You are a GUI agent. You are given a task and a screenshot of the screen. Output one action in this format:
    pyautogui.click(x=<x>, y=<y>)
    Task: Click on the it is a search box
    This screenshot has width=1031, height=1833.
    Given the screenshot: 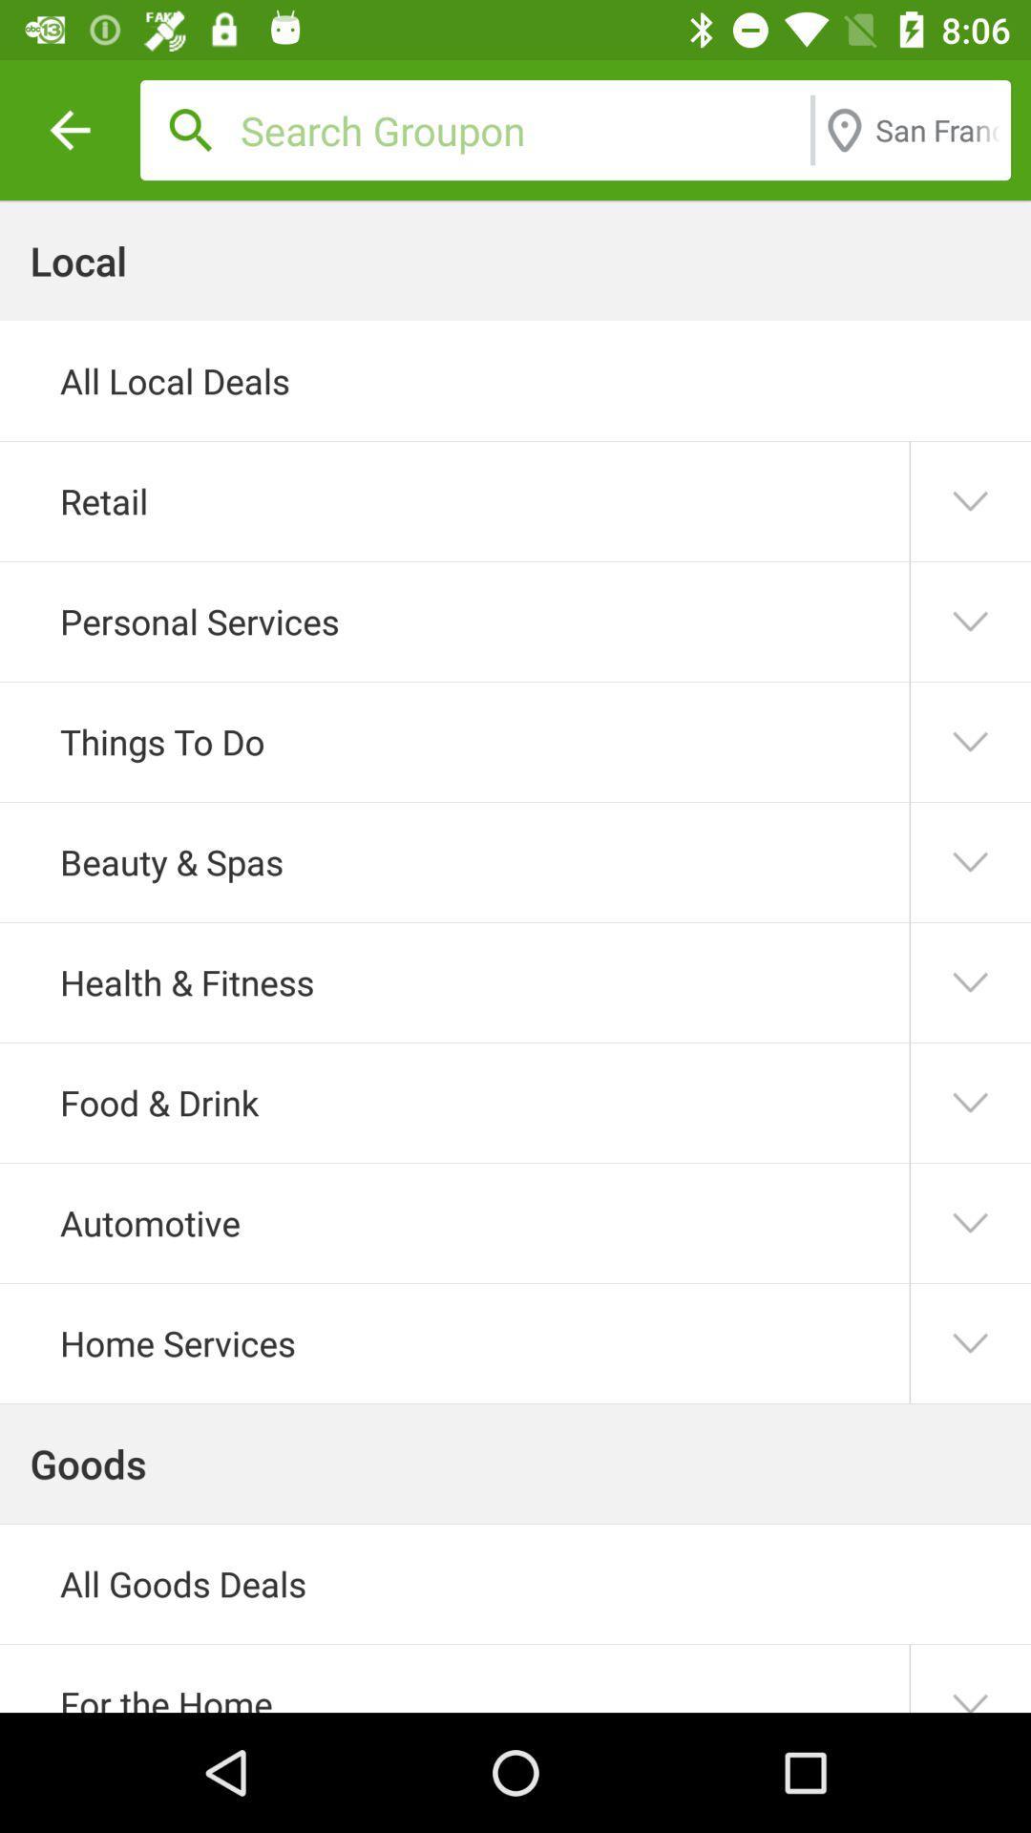 What is the action you would take?
    pyautogui.click(x=520, y=129)
    